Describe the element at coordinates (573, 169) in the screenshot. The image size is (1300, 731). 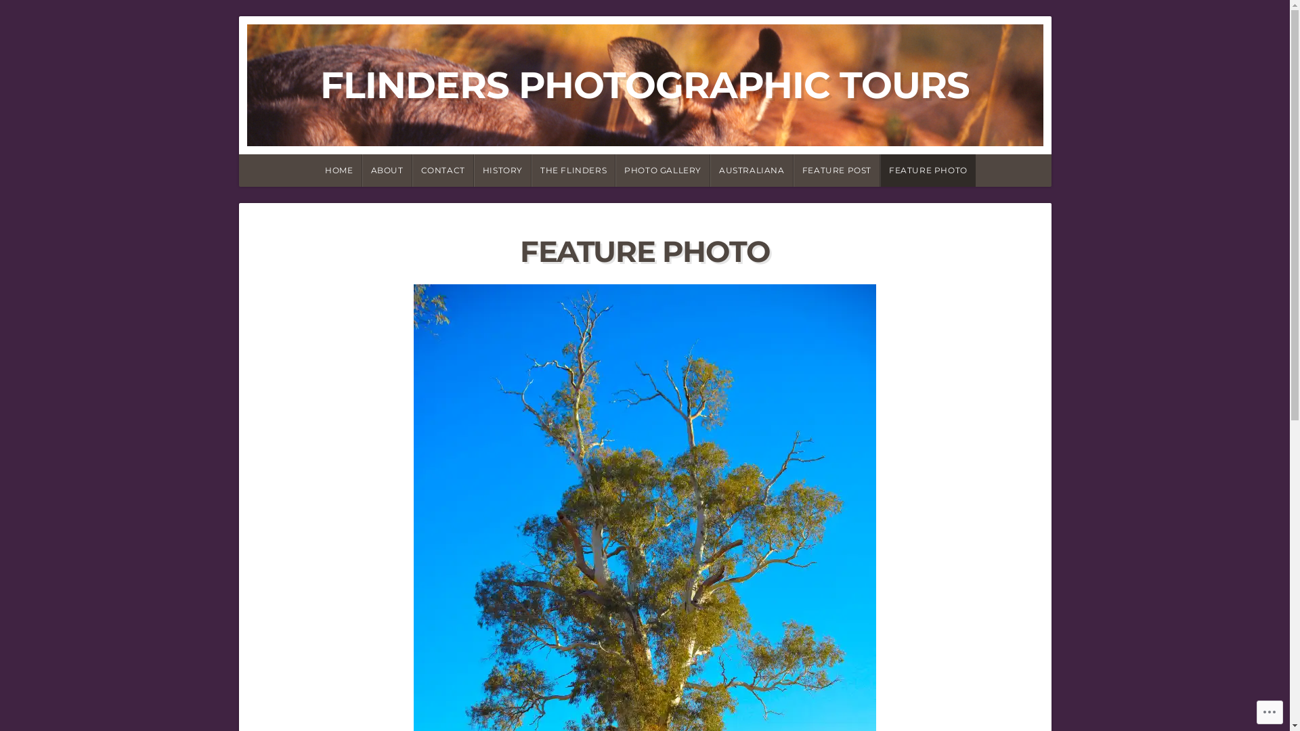
I see `'THE FLINDERS'` at that location.